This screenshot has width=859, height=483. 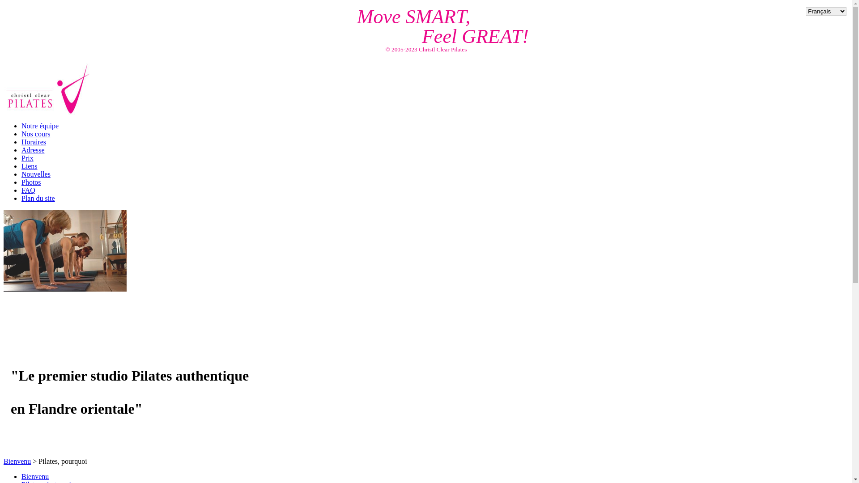 I want to click on 'Nos cours', so click(x=36, y=134).